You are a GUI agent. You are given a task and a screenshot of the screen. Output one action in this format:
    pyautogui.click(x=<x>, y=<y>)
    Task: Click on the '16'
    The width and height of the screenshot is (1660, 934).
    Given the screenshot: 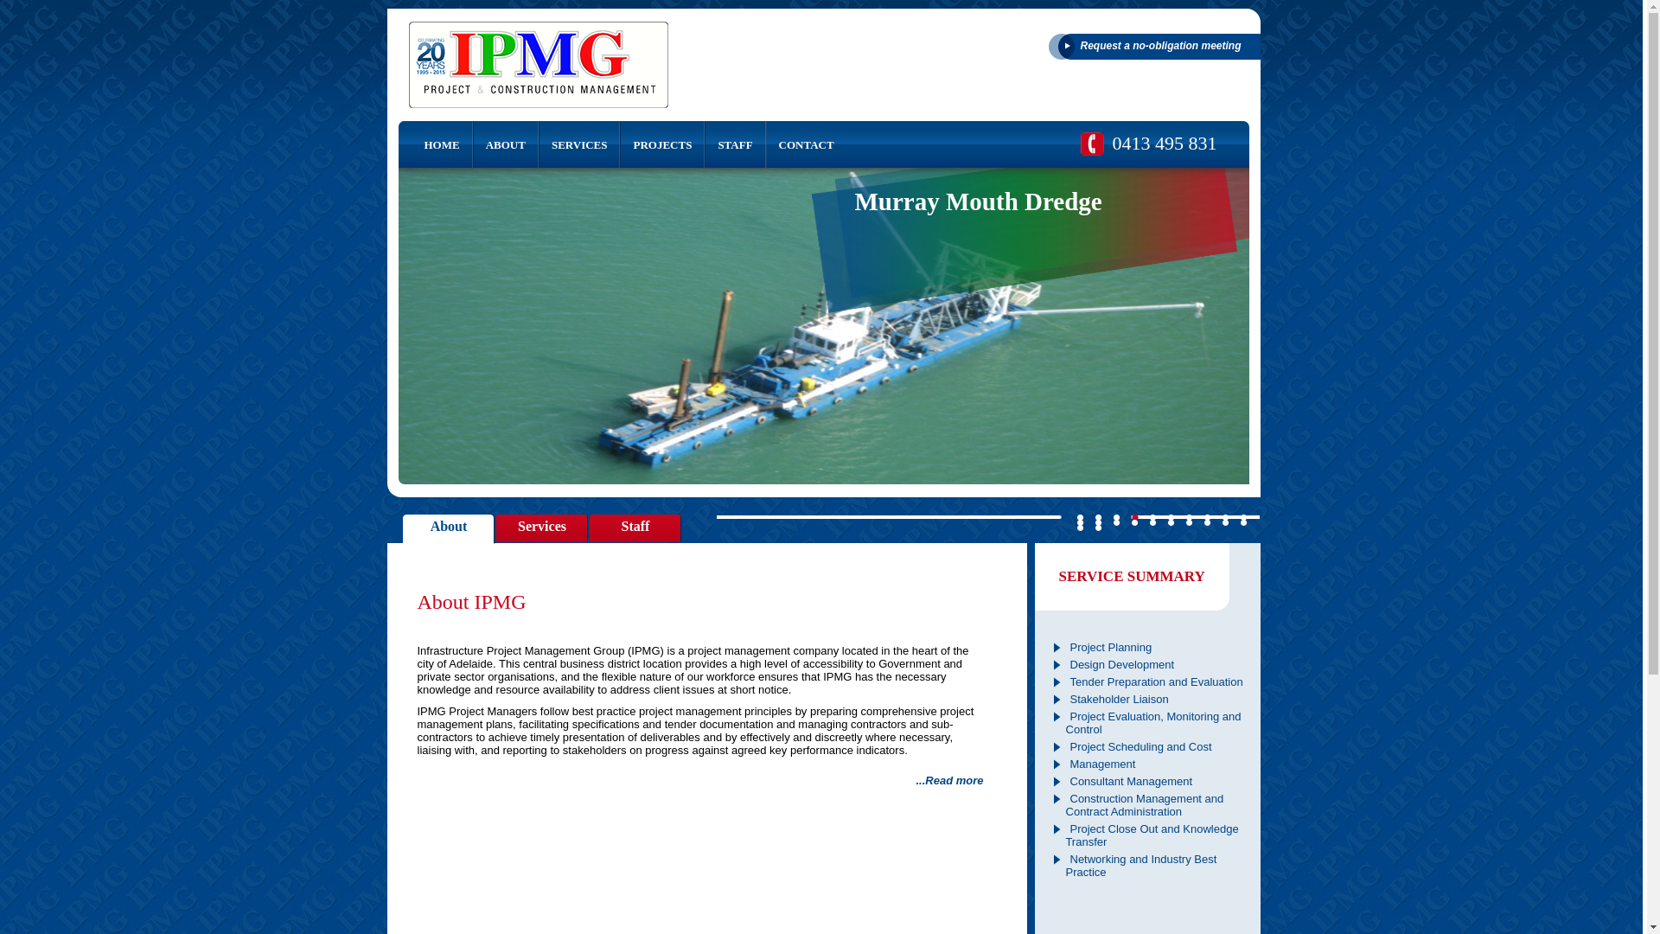 What is the action you would take?
    pyautogui.click(x=1170, y=521)
    